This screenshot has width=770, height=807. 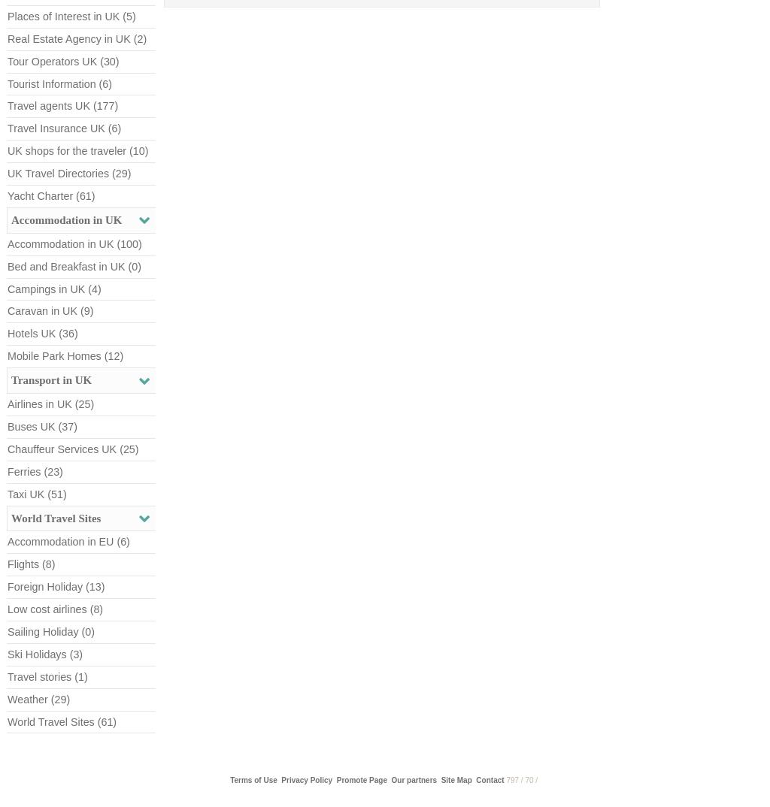 What do you see at coordinates (360, 780) in the screenshot?
I see `'Promote Page'` at bounding box center [360, 780].